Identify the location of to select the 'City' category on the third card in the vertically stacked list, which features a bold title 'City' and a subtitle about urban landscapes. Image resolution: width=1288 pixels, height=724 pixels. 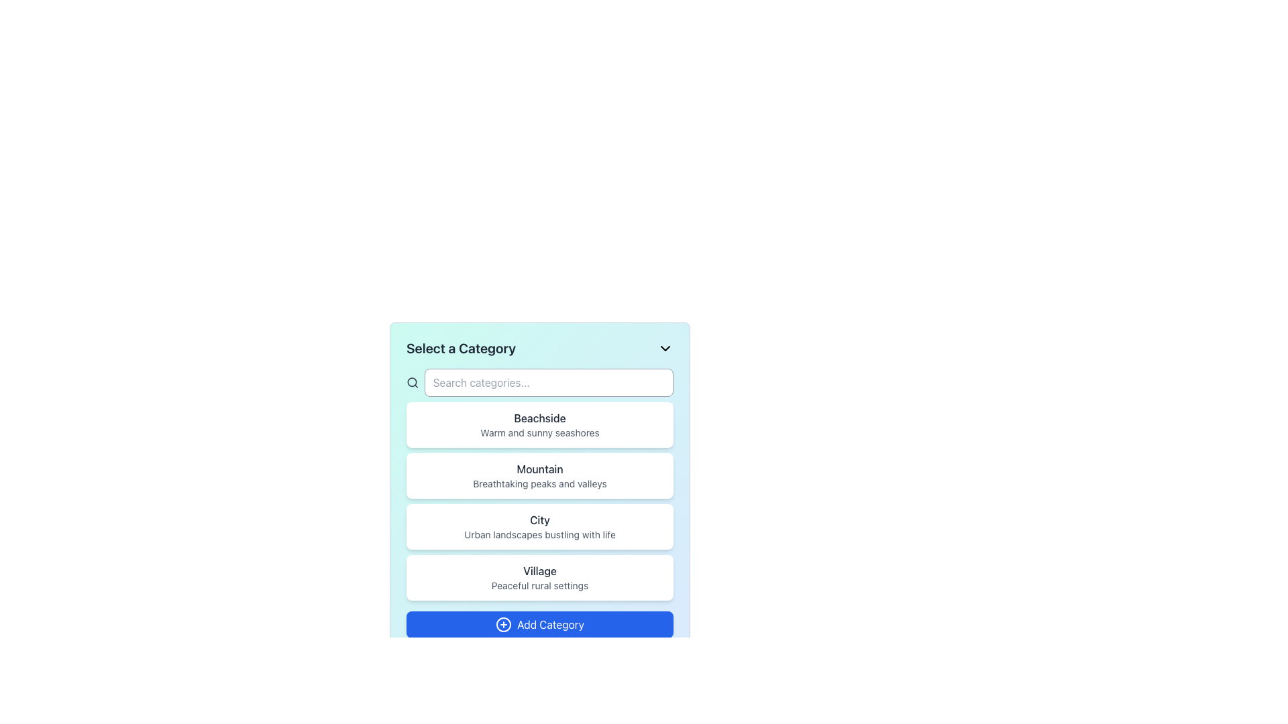
(540, 526).